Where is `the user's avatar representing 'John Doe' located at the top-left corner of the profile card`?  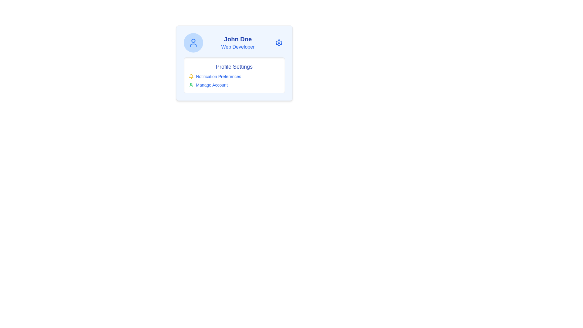
the user's avatar representing 'John Doe' located at the top-left corner of the profile card is located at coordinates (193, 43).